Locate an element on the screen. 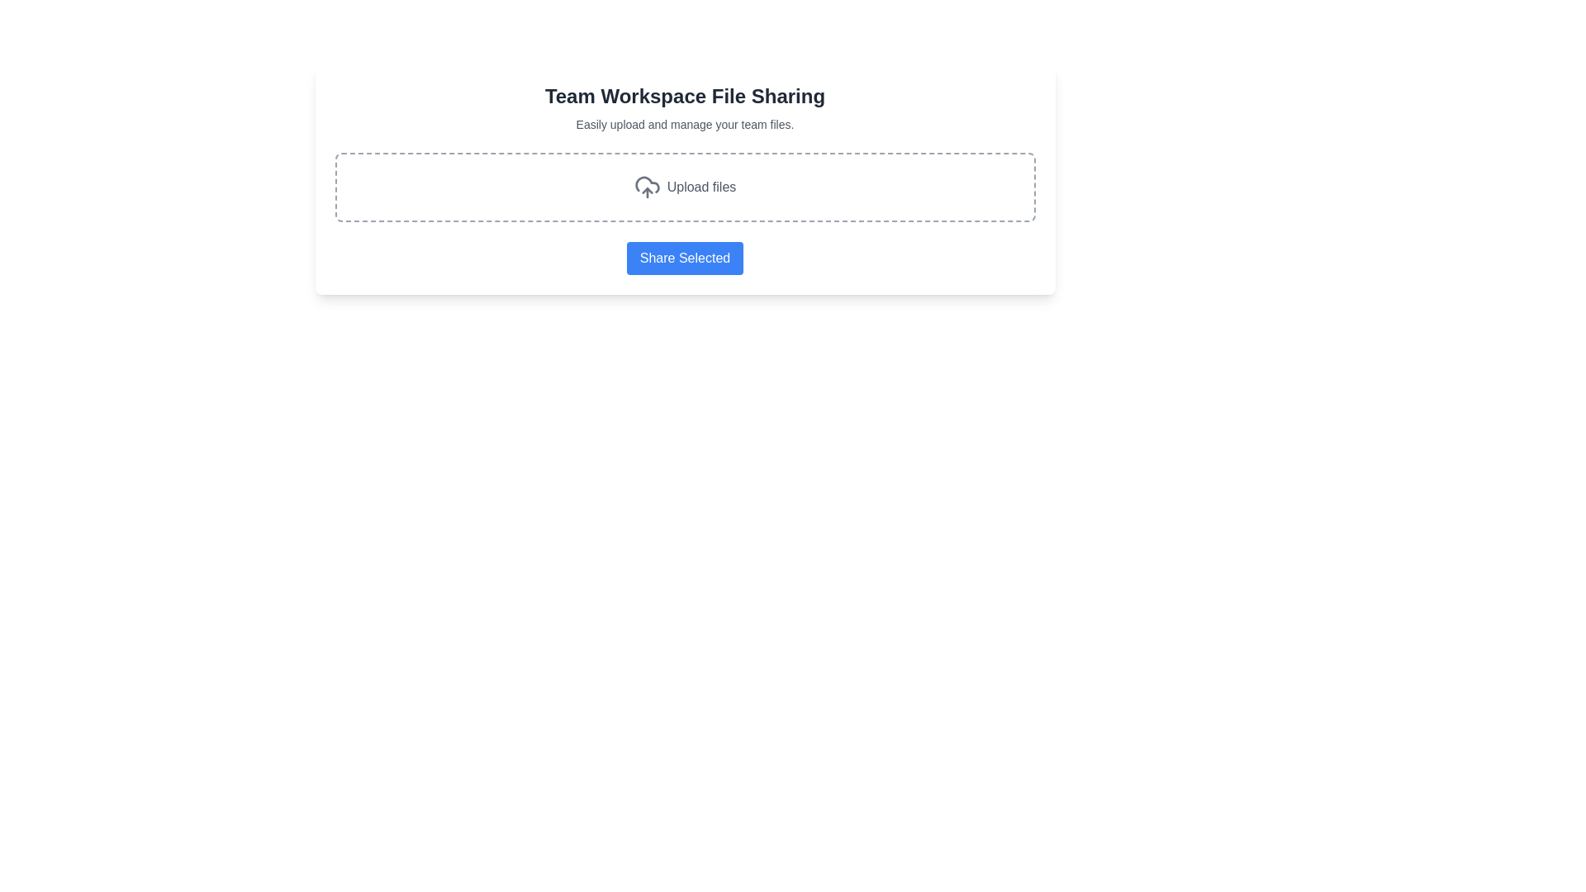 The height and width of the screenshot is (892, 1586). and drop a file onto the clickable area for file upload, which is centrally located below the text 'Easily upload and manage your team files.' and above the 'Share Selected' button is located at coordinates (685, 187).